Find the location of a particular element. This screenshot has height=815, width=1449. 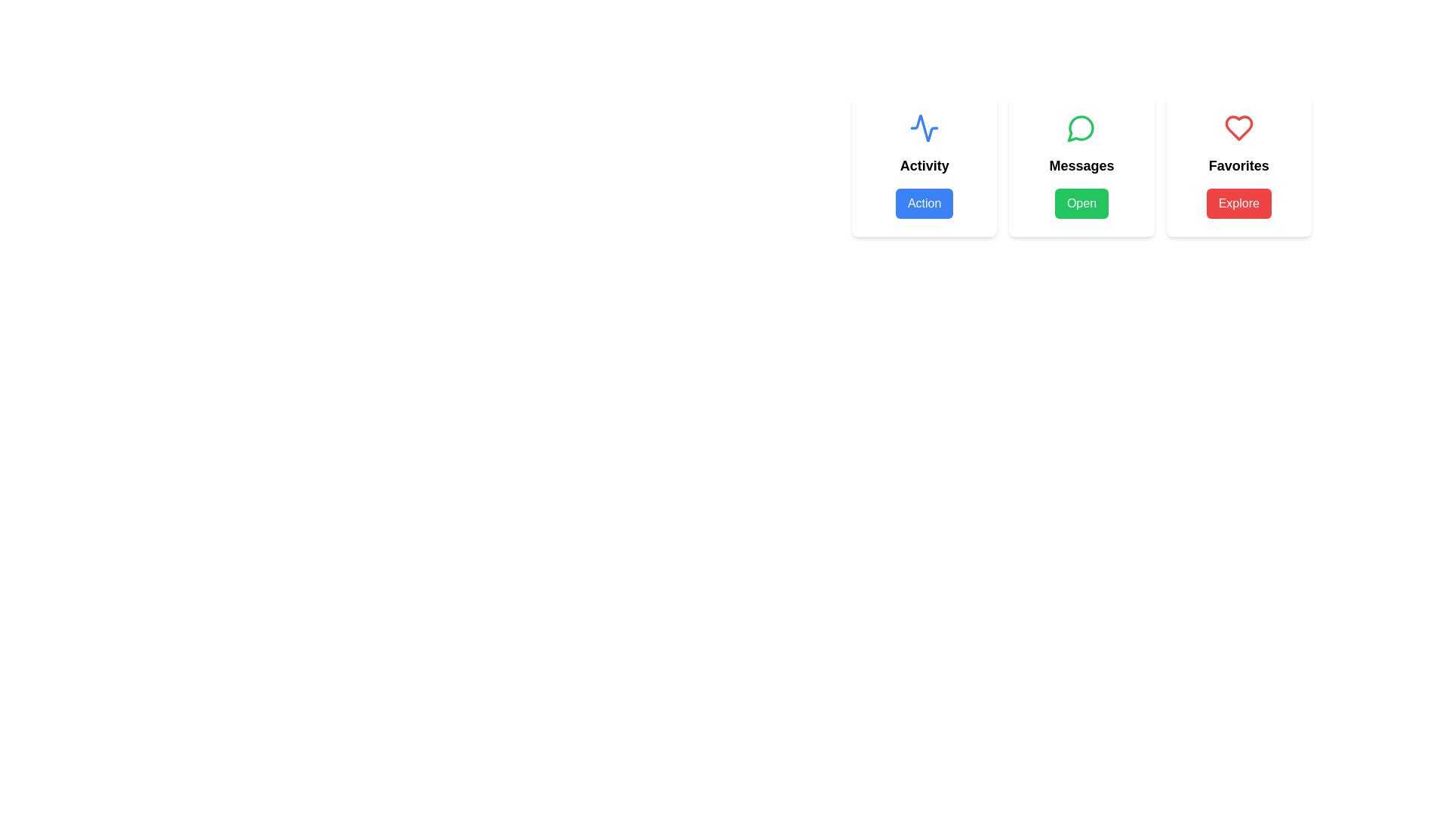

the sharp, stylized blue wave icon that is enclosed within a square frame and positioned above the label 'Activity' is located at coordinates (924, 127).